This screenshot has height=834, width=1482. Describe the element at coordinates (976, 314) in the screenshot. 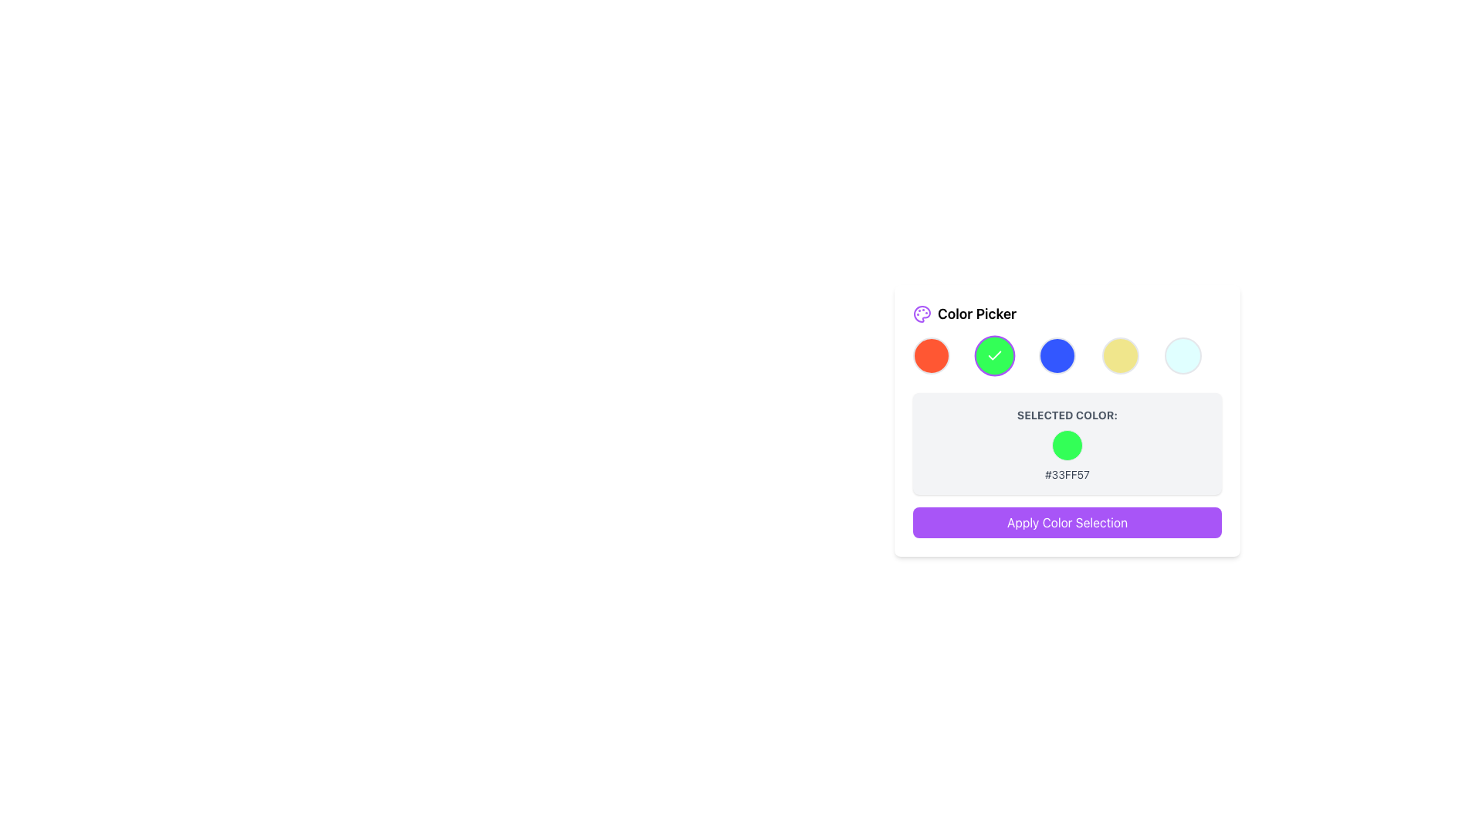

I see `the non-interactive text label that serves as a title for the color selection feature, located to the right of the purple palette icon in the top-left section of the interface` at that location.